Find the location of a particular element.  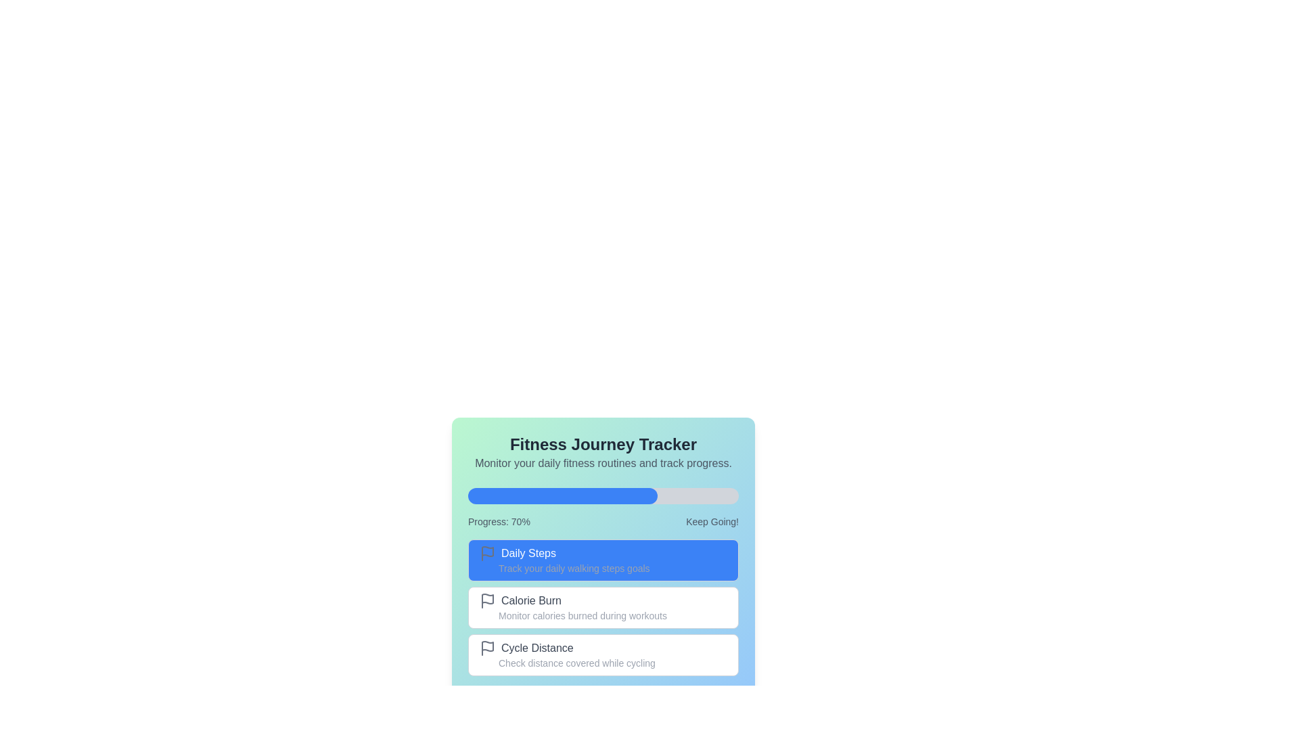

the static text label that reads 'Track your daily walking steps goals', which is displayed in smaller gray font beneath the 'Daily Steps' heading is located at coordinates (612, 569).